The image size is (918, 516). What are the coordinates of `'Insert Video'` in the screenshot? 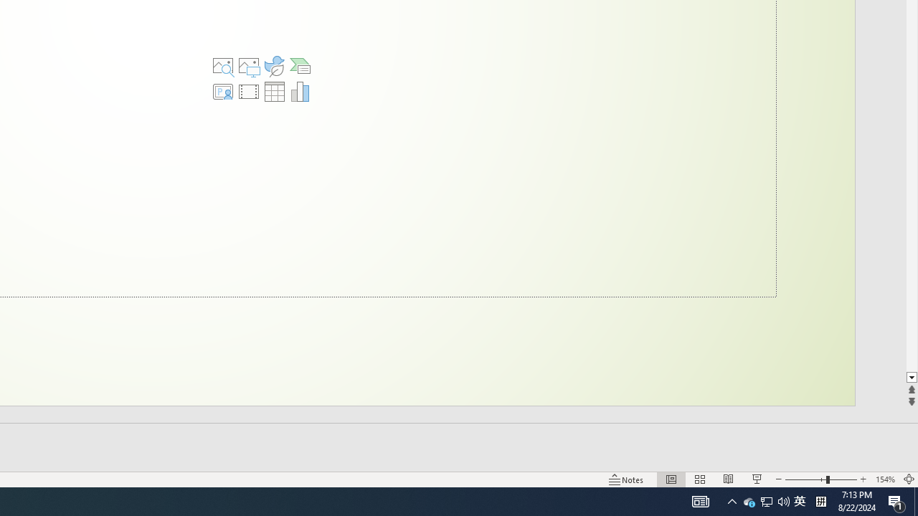 It's located at (249, 92).